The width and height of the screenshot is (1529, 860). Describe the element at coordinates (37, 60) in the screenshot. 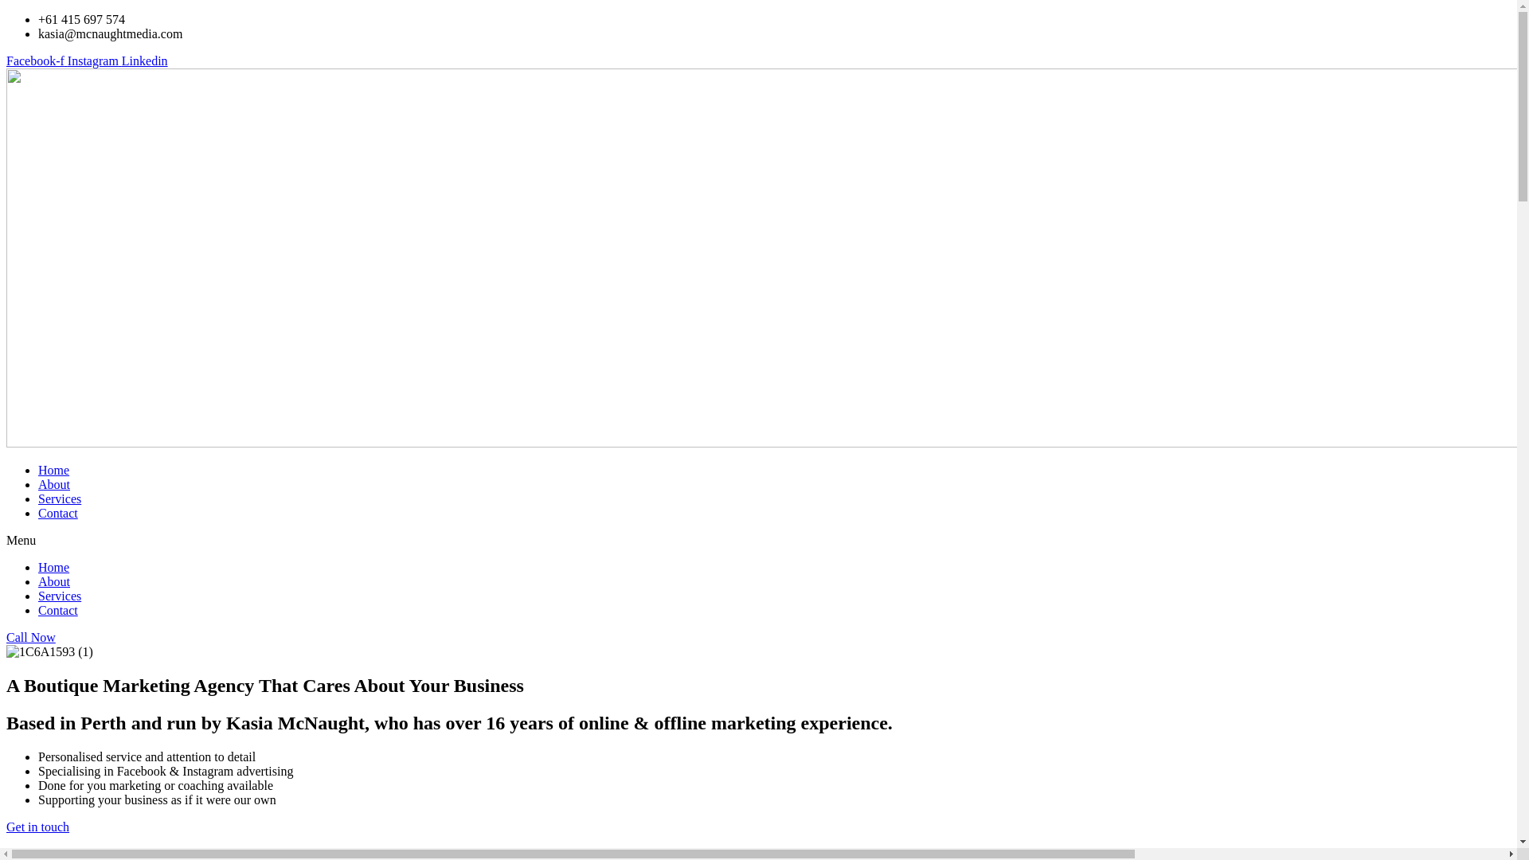

I see `'Facebook-f'` at that location.